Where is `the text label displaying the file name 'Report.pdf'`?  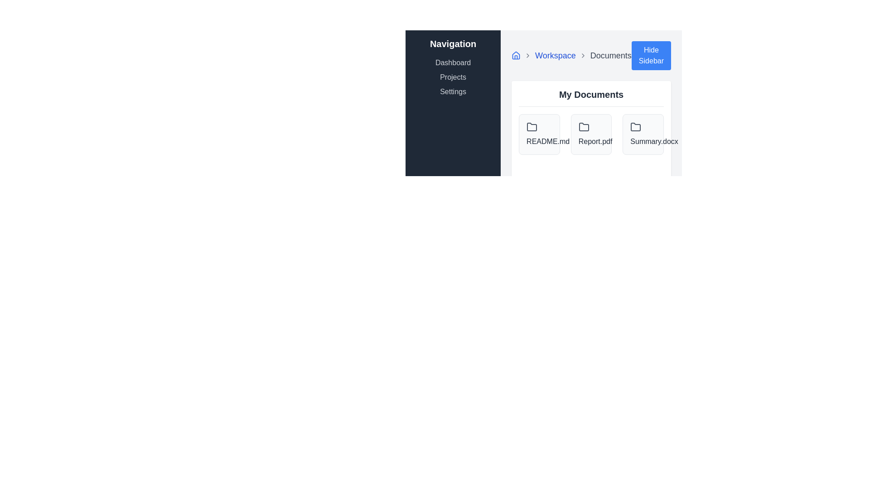
the text label displaying the file name 'Report.pdf' is located at coordinates (591, 141).